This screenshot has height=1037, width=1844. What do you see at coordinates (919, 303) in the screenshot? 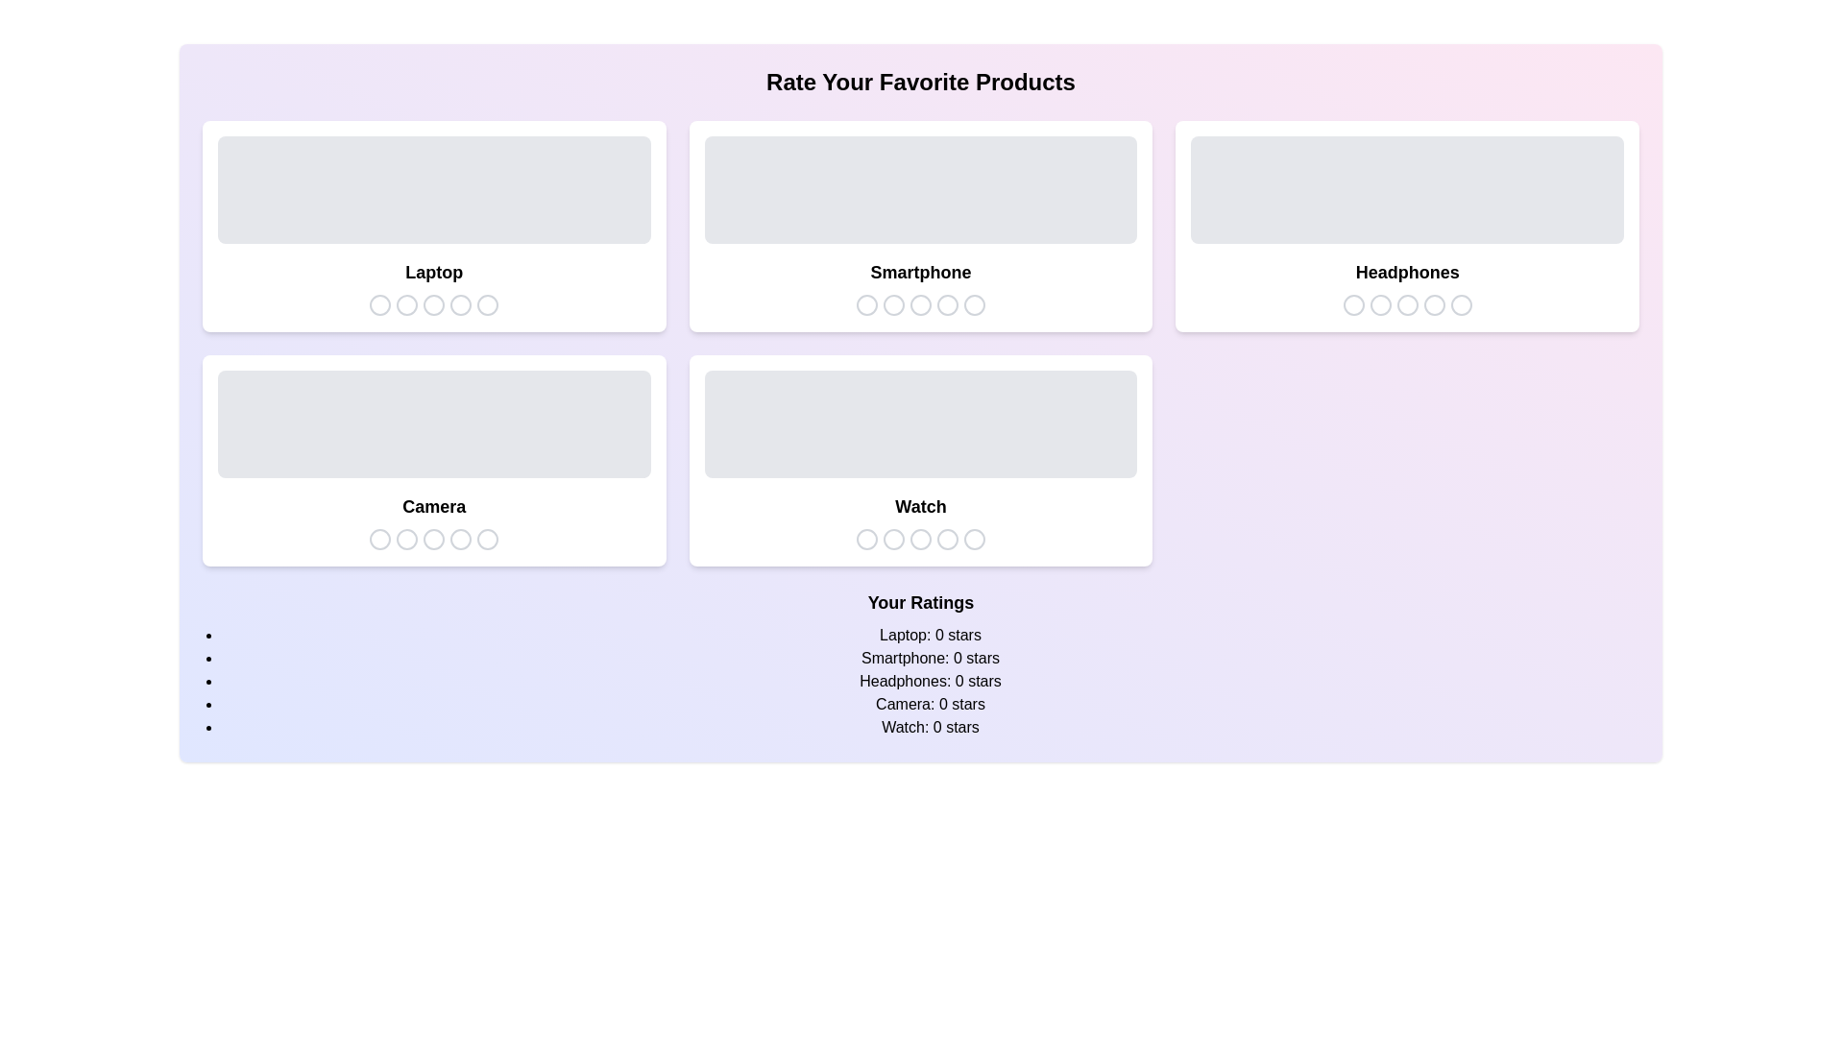
I see `the star icon corresponding to 3 stars for the product Smartphone` at bounding box center [919, 303].